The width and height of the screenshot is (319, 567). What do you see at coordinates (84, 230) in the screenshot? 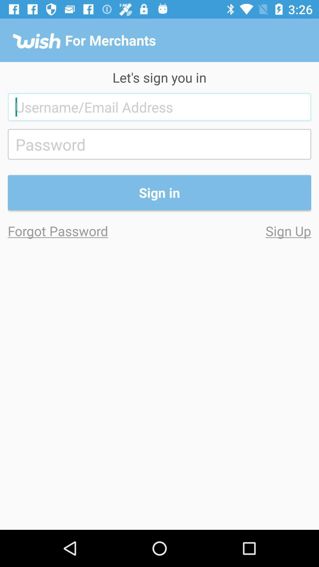
I see `the item next to sign up icon` at bounding box center [84, 230].